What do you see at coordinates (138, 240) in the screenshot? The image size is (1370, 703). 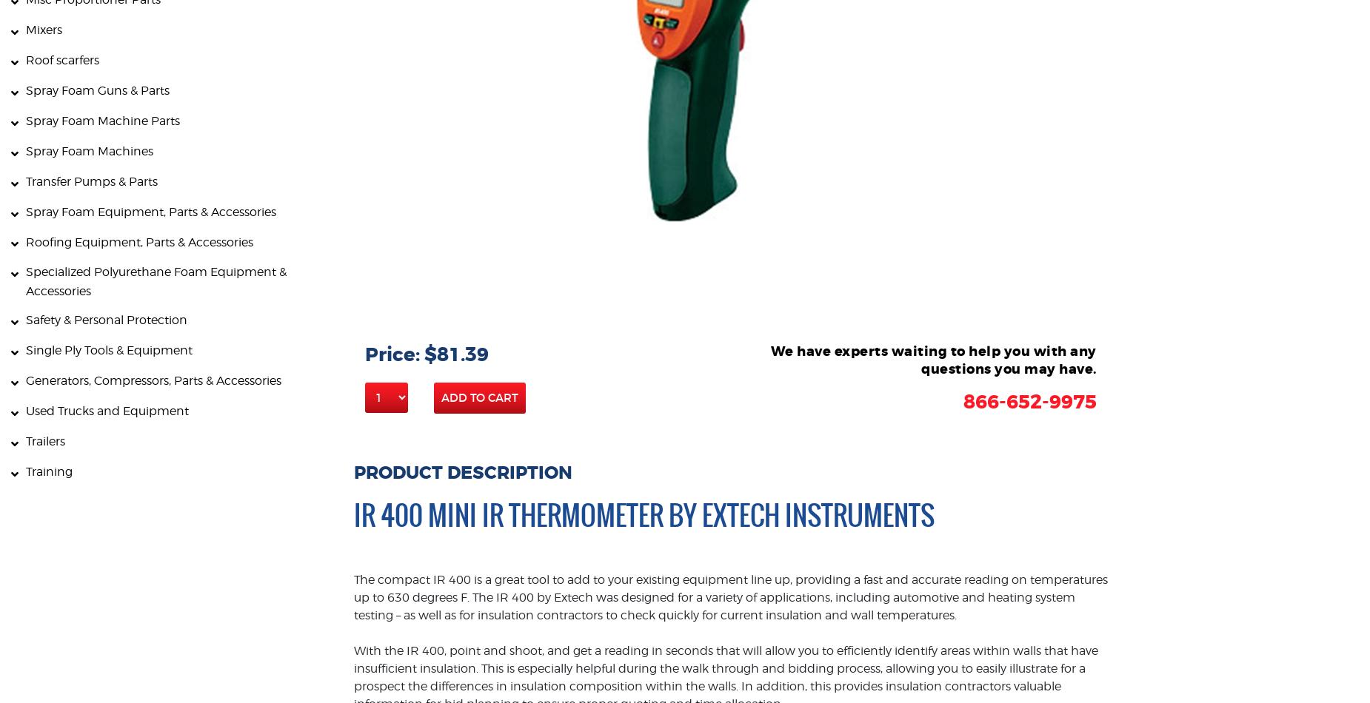 I see `'Roofing Equipment, Parts & Accessories'` at bounding box center [138, 240].